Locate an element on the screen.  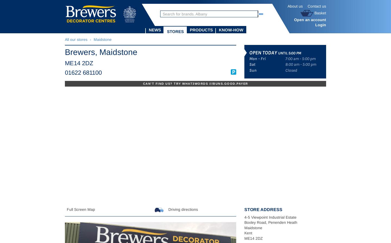
'Know-how' is located at coordinates (231, 29).